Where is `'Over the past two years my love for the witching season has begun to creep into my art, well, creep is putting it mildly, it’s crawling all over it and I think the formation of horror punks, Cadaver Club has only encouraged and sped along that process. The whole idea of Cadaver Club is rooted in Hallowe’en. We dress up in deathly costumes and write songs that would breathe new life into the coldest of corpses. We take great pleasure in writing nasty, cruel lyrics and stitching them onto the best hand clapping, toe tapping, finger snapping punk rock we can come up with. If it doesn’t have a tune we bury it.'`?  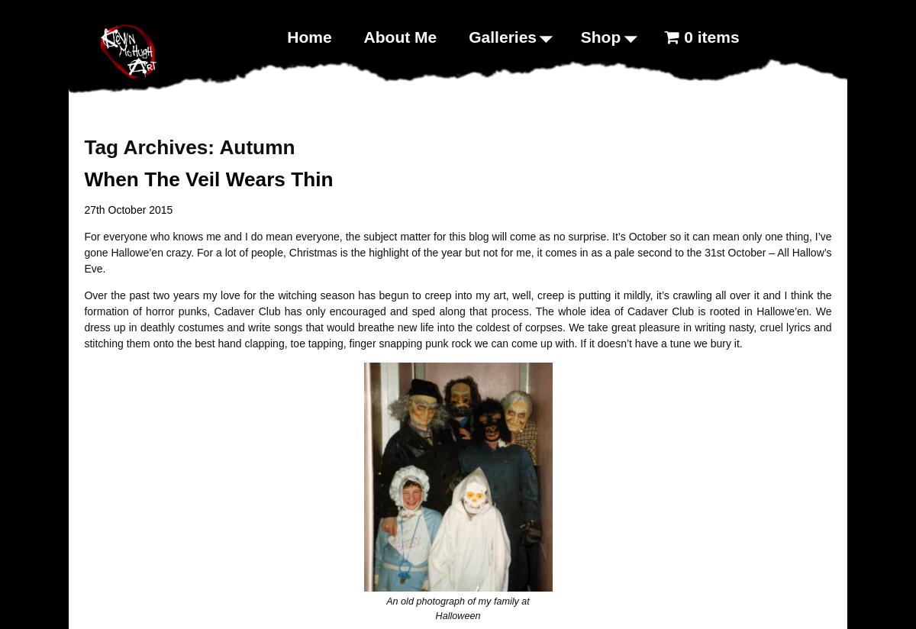 'Over the past two years my love for the witching season has begun to creep into my art, well, creep is putting it mildly, it’s crawling all over it and I think the formation of horror punks, Cadaver Club has only encouraged and sped along that process. The whole idea of Cadaver Club is rooted in Hallowe’en. We dress up in deathly costumes and write songs that would breathe new life into the coldest of corpses. We take great pleasure in writing nasty, cruel lyrics and stitching them onto the best hand clapping, toe tapping, finger snapping punk rock we can come up with. If it doesn’t have a tune we bury it.' is located at coordinates (456, 318).